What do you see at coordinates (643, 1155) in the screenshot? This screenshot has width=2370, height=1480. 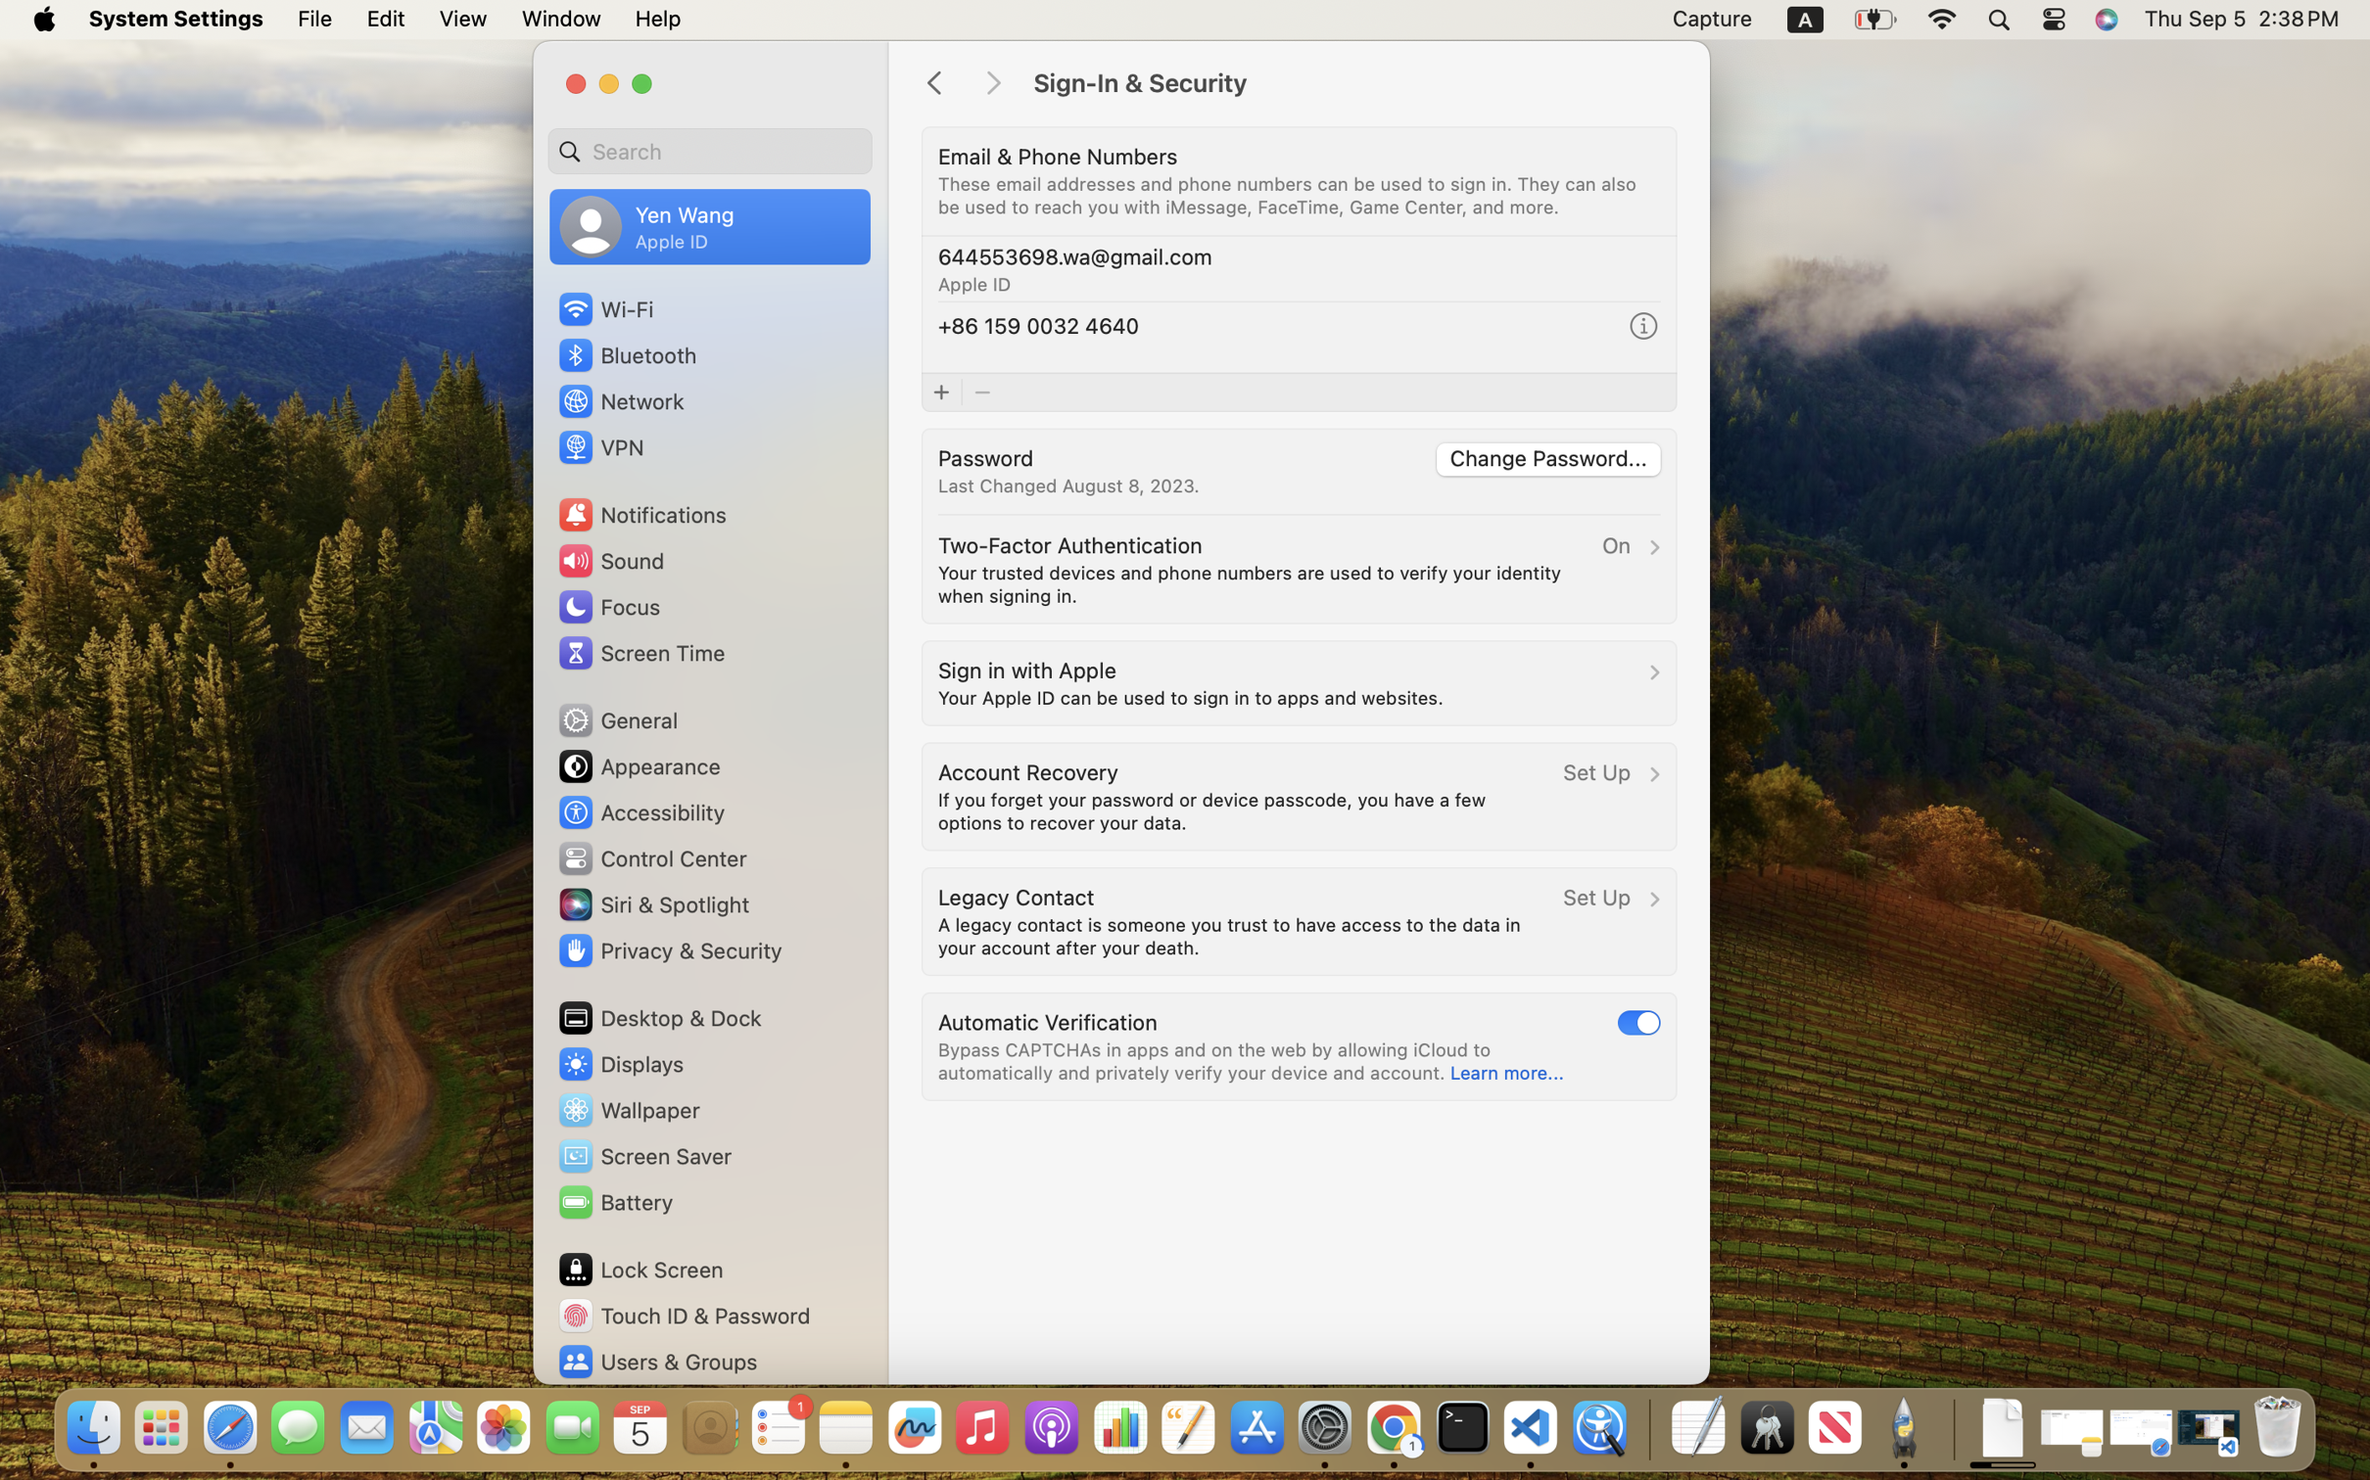 I see `'Screen Saver'` at bounding box center [643, 1155].